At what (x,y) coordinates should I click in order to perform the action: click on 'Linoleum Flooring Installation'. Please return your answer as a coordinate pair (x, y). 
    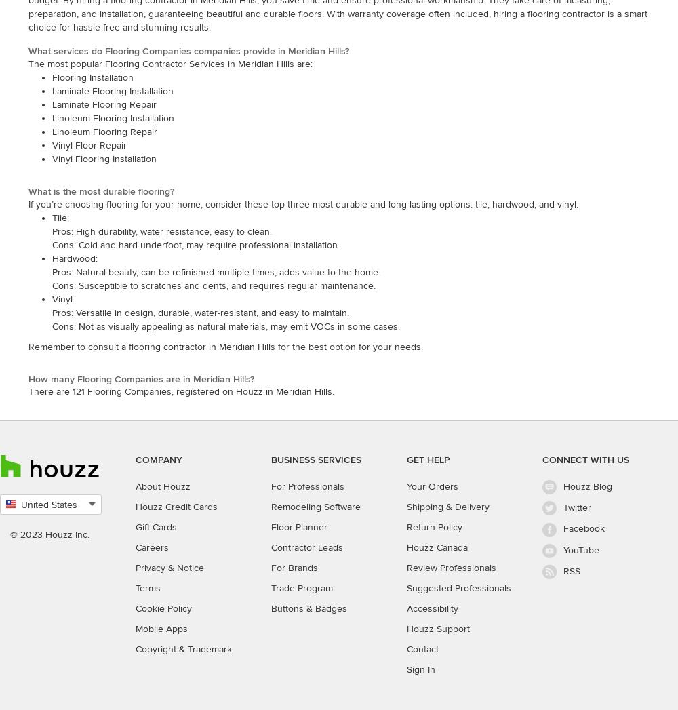
    Looking at the image, I should click on (113, 117).